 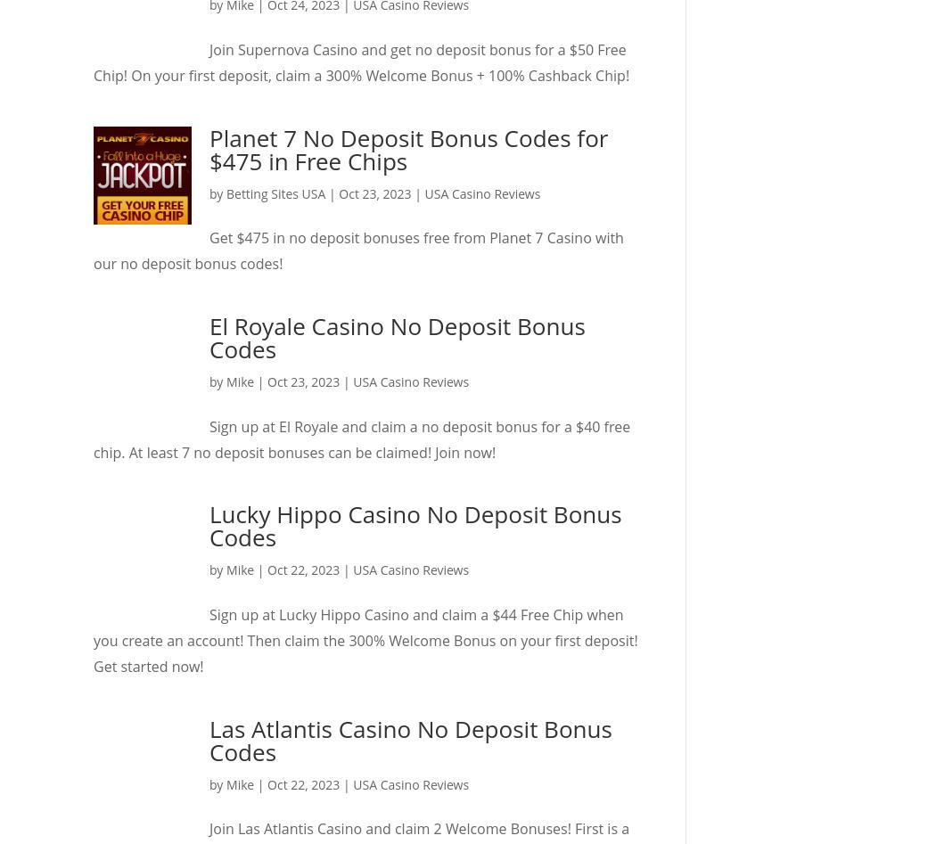 I want to click on 'Join Supernova Casino and get no deposit bonus for a $50 Free Chip! On your first deposit, claim a 300% Welcome Bonus + 100% Cashback Chip!', so click(x=361, y=61).